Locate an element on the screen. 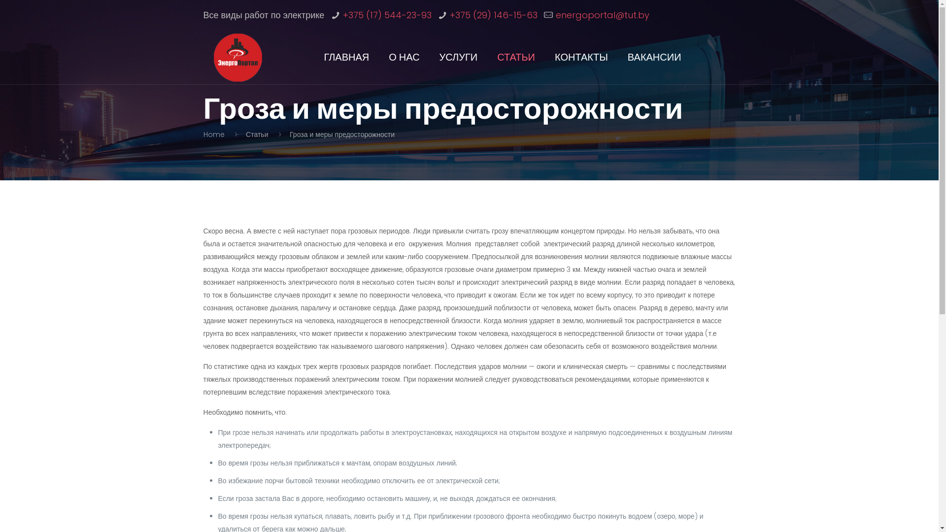 This screenshot has width=946, height=532. '+375 (17) 544-23-93' is located at coordinates (387, 15).